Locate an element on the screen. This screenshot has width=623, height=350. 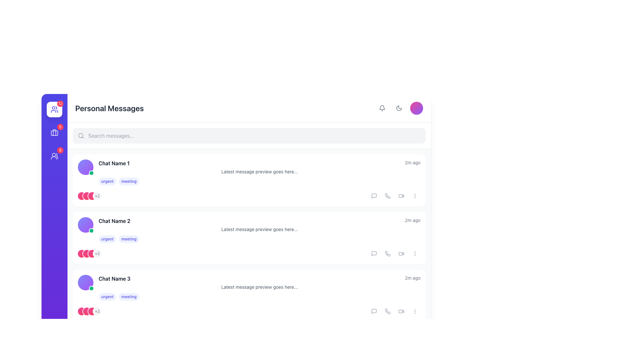
the speech bubble icon located to the far right of the third chat preview pane is located at coordinates (374, 311).